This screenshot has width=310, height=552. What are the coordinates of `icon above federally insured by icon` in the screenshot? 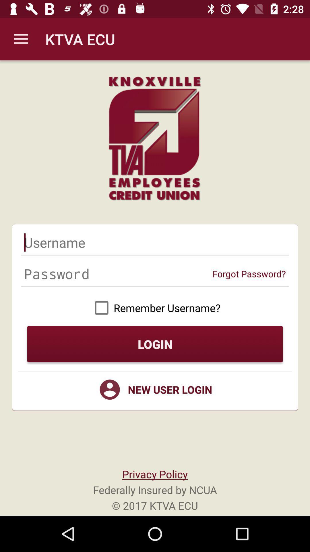 It's located at (155, 474).